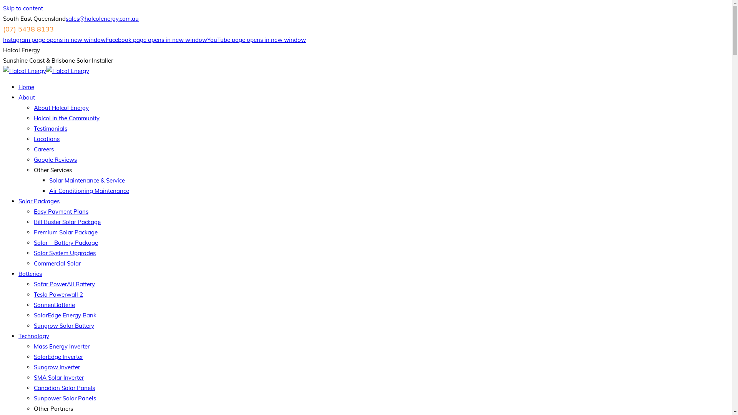 The height and width of the screenshot is (415, 738). What do you see at coordinates (61, 108) in the screenshot?
I see `'About Halcol Energy'` at bounding box center [61, 108].